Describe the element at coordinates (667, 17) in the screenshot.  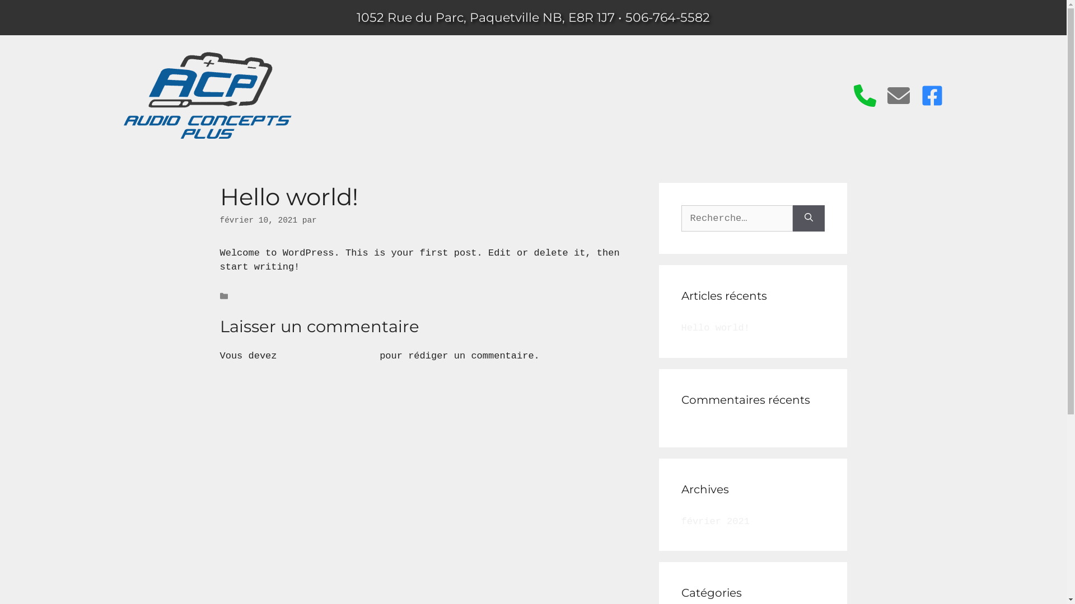
I see `'506-764-5582'` at that location.